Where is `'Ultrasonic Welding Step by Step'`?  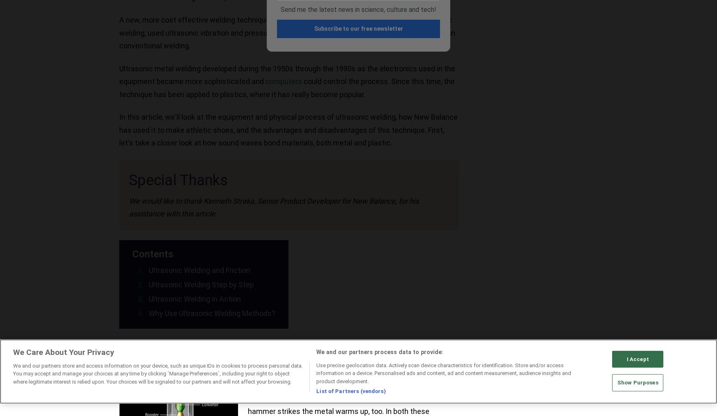
'Ultrasonic Welding Step by Step' is located at coordinates (148, 284).